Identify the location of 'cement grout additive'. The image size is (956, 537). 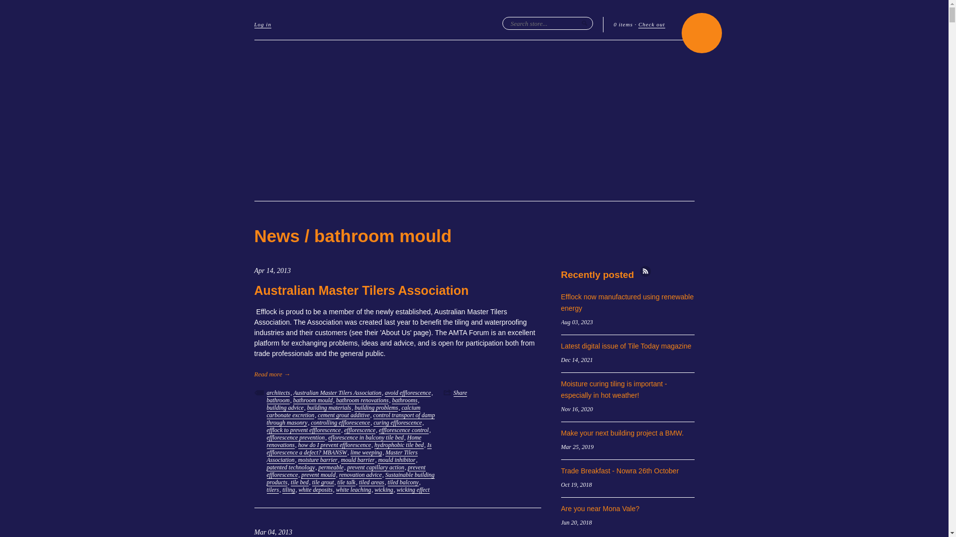
(344, 415).